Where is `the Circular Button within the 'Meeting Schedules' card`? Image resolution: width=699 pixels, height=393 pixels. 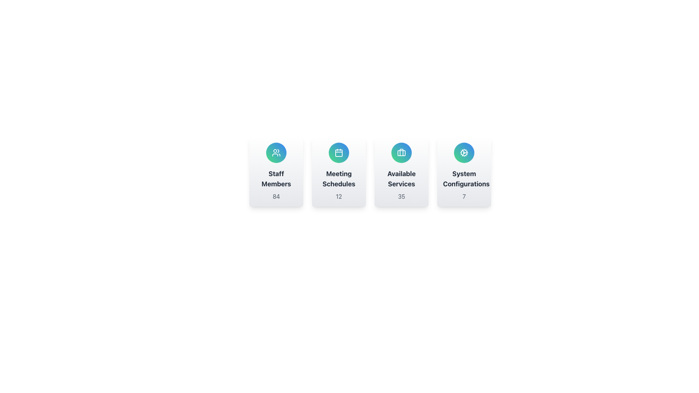 the Circular Button within the 'Meeting Schedules' card is located at coordinates (339, 152).